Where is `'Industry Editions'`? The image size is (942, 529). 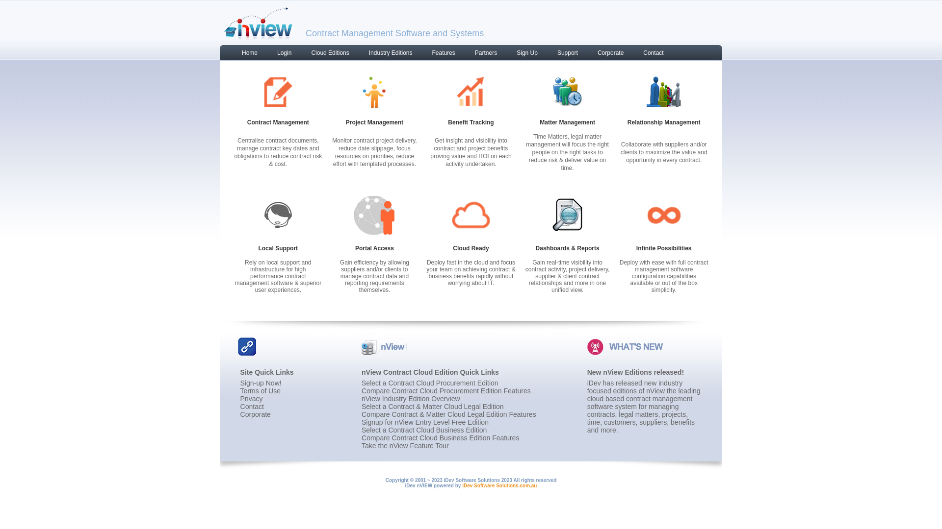 'Industry Editions' is located at coordinates (385, 54).